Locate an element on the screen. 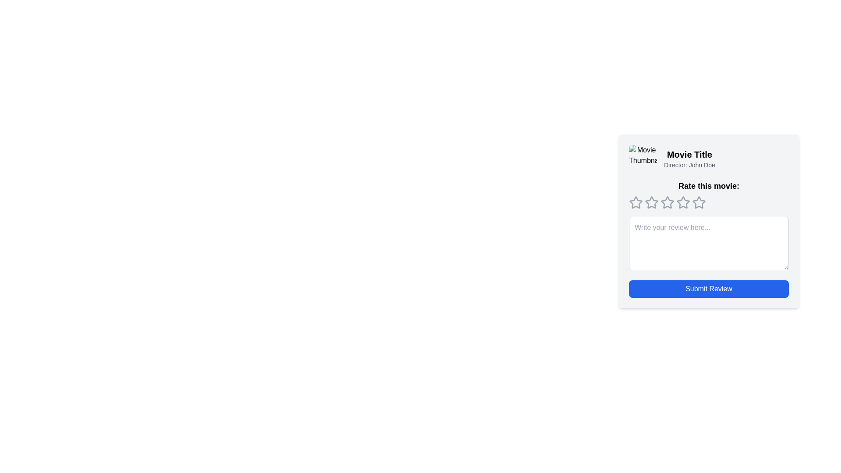 Image resolution: width=841 pixels, height=473 pixels. the state of the first star in the five-star rating system located below the 'Rate this movie:' label to determine the current rating is located at coordinates (636, 202).